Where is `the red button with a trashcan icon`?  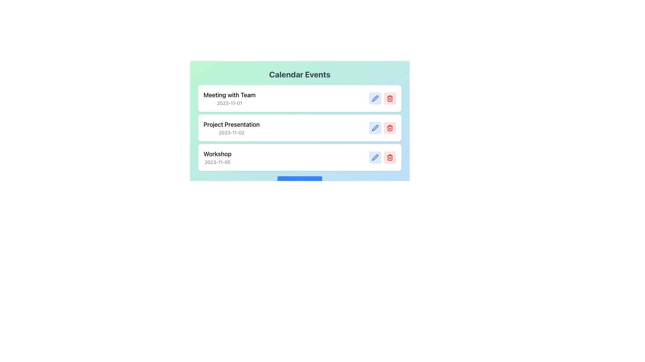 the red button with a trashcan icon is located at coordinates (390, 98).